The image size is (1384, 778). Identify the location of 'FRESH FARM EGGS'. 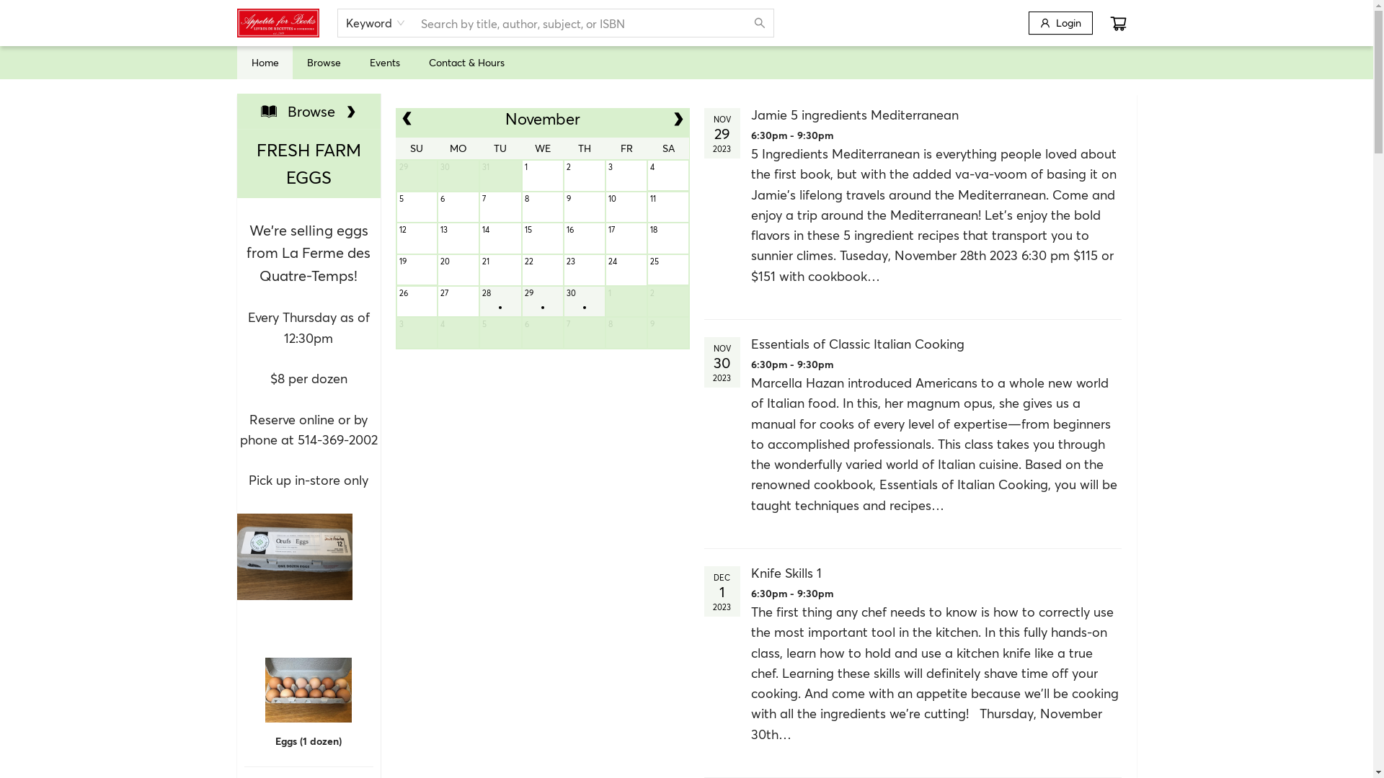
(307, 163).